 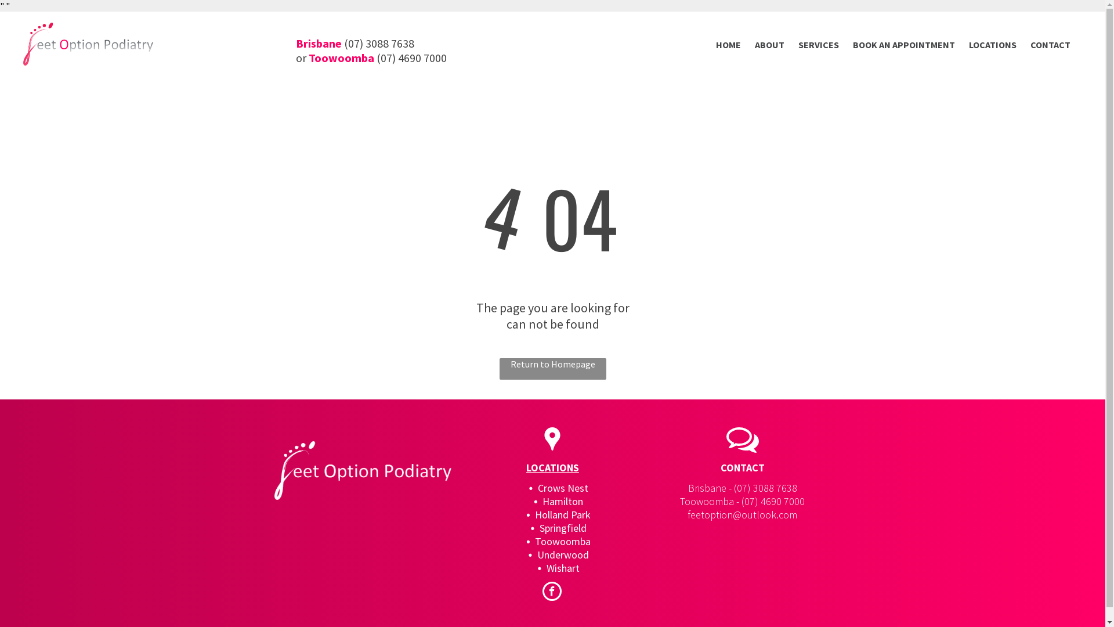 What do you see at coordinates (769, 44) in the screenshot?
I see `'ABOUT'` at bounding box center [769, 44].